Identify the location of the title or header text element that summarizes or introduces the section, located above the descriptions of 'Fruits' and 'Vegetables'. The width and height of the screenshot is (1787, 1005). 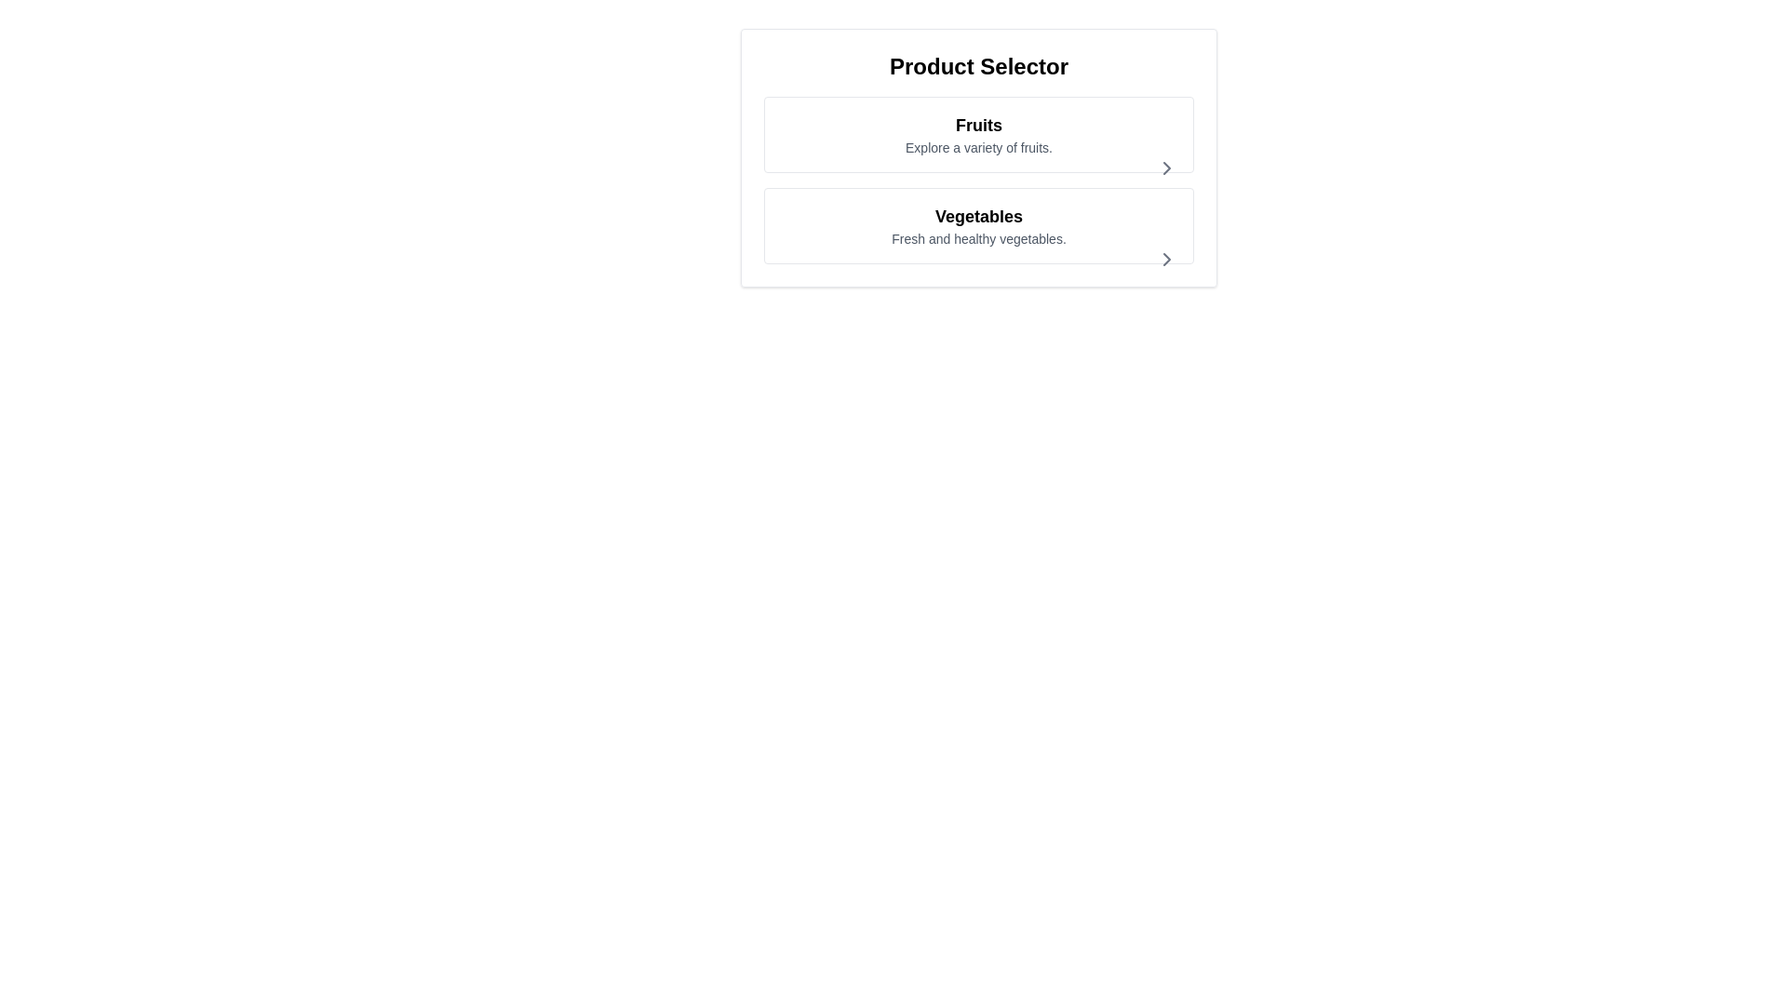
(977, 66).